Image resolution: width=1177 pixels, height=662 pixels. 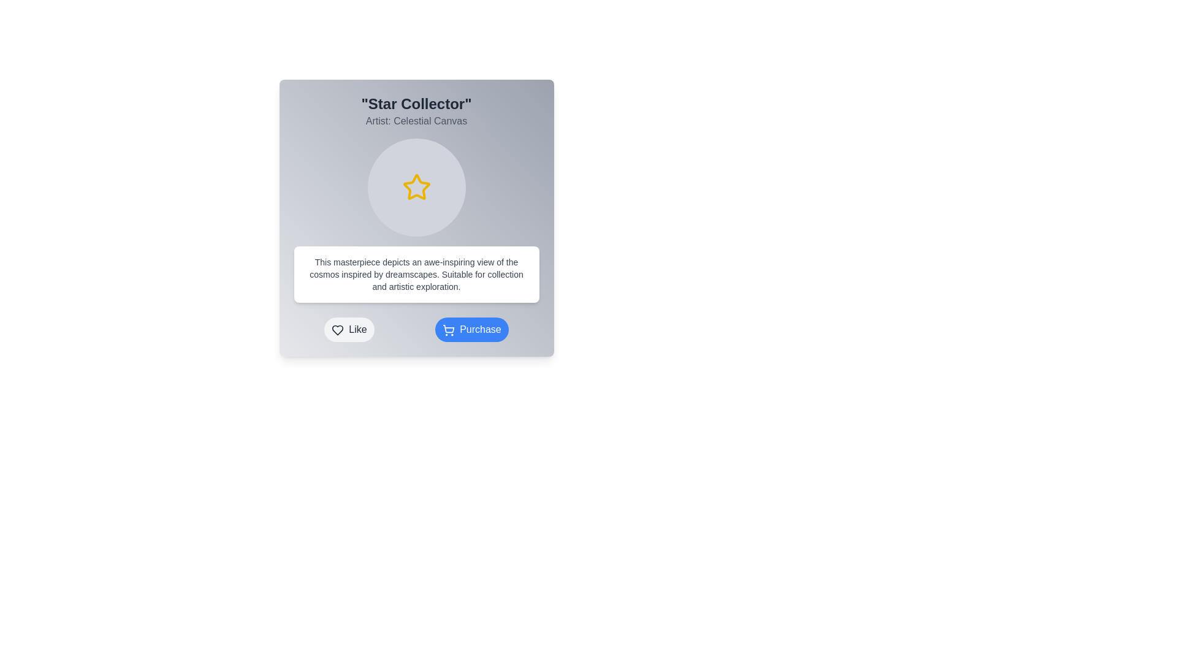 What do you see at coordinates (448, 328) in the screenshot?
I see `the shopping cart icon located at the bottom-right corner of the primary card interface` at bounding box center [448, 328].